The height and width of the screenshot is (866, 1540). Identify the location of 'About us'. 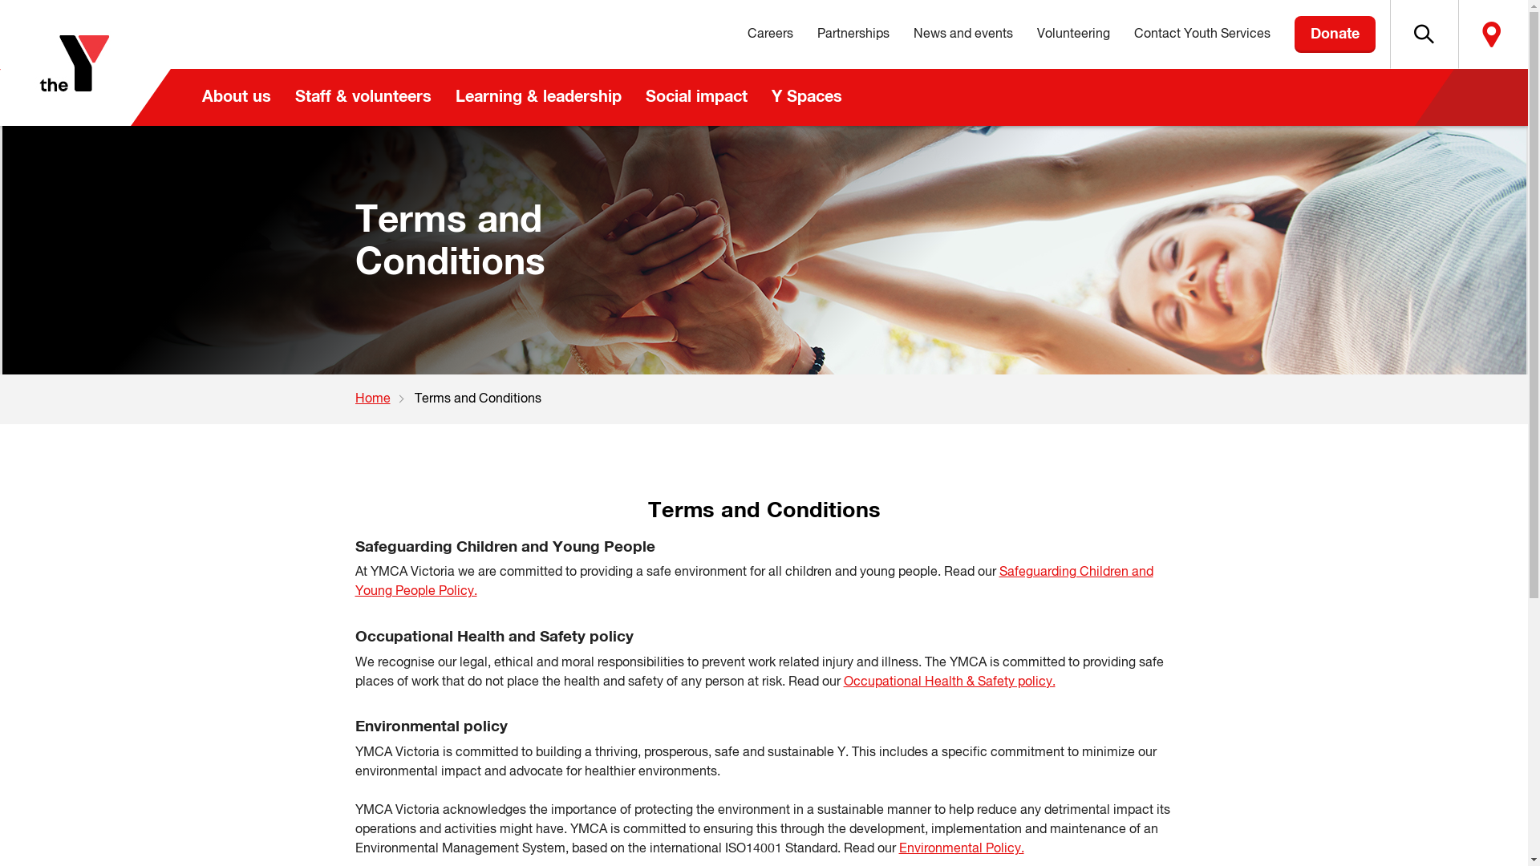
(188, 97).